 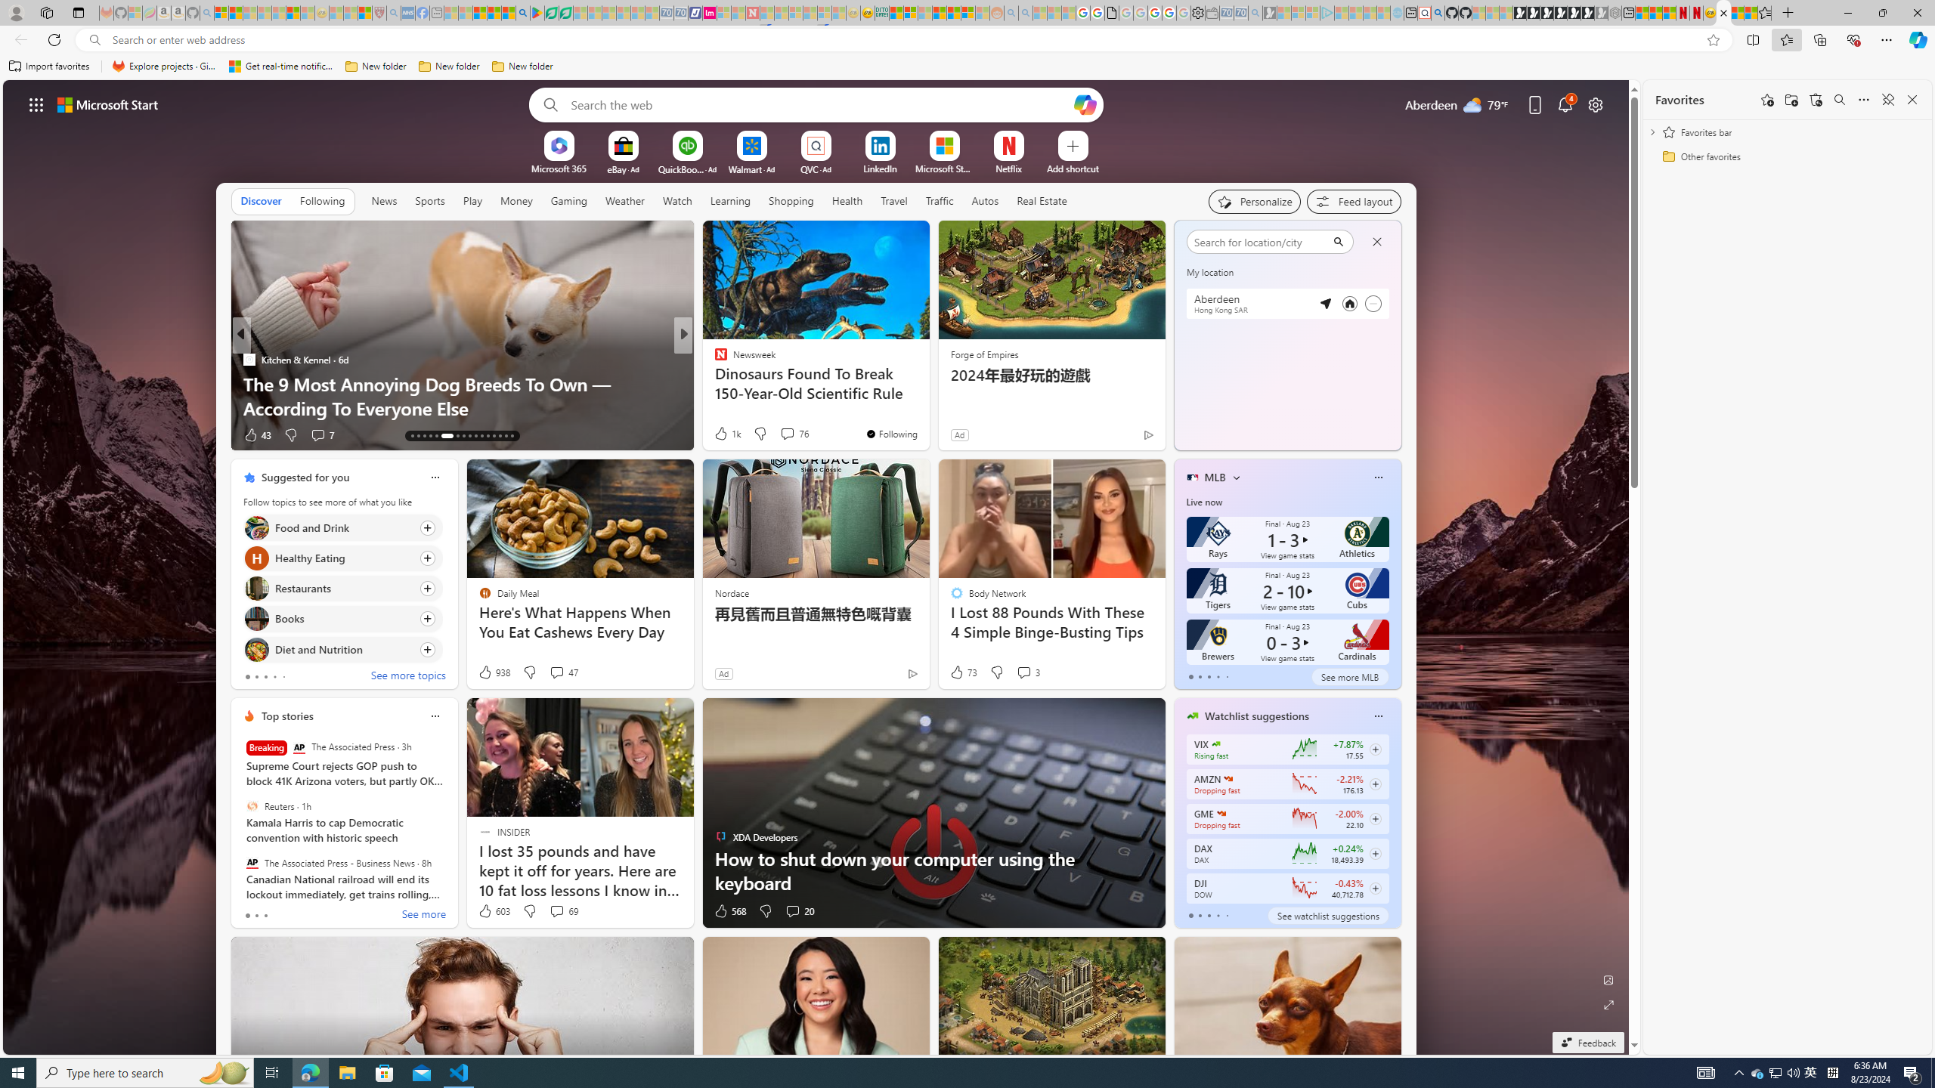 I want to click on 'Click to follow topic Diet and Nutrition', so click(x=342, y=648).